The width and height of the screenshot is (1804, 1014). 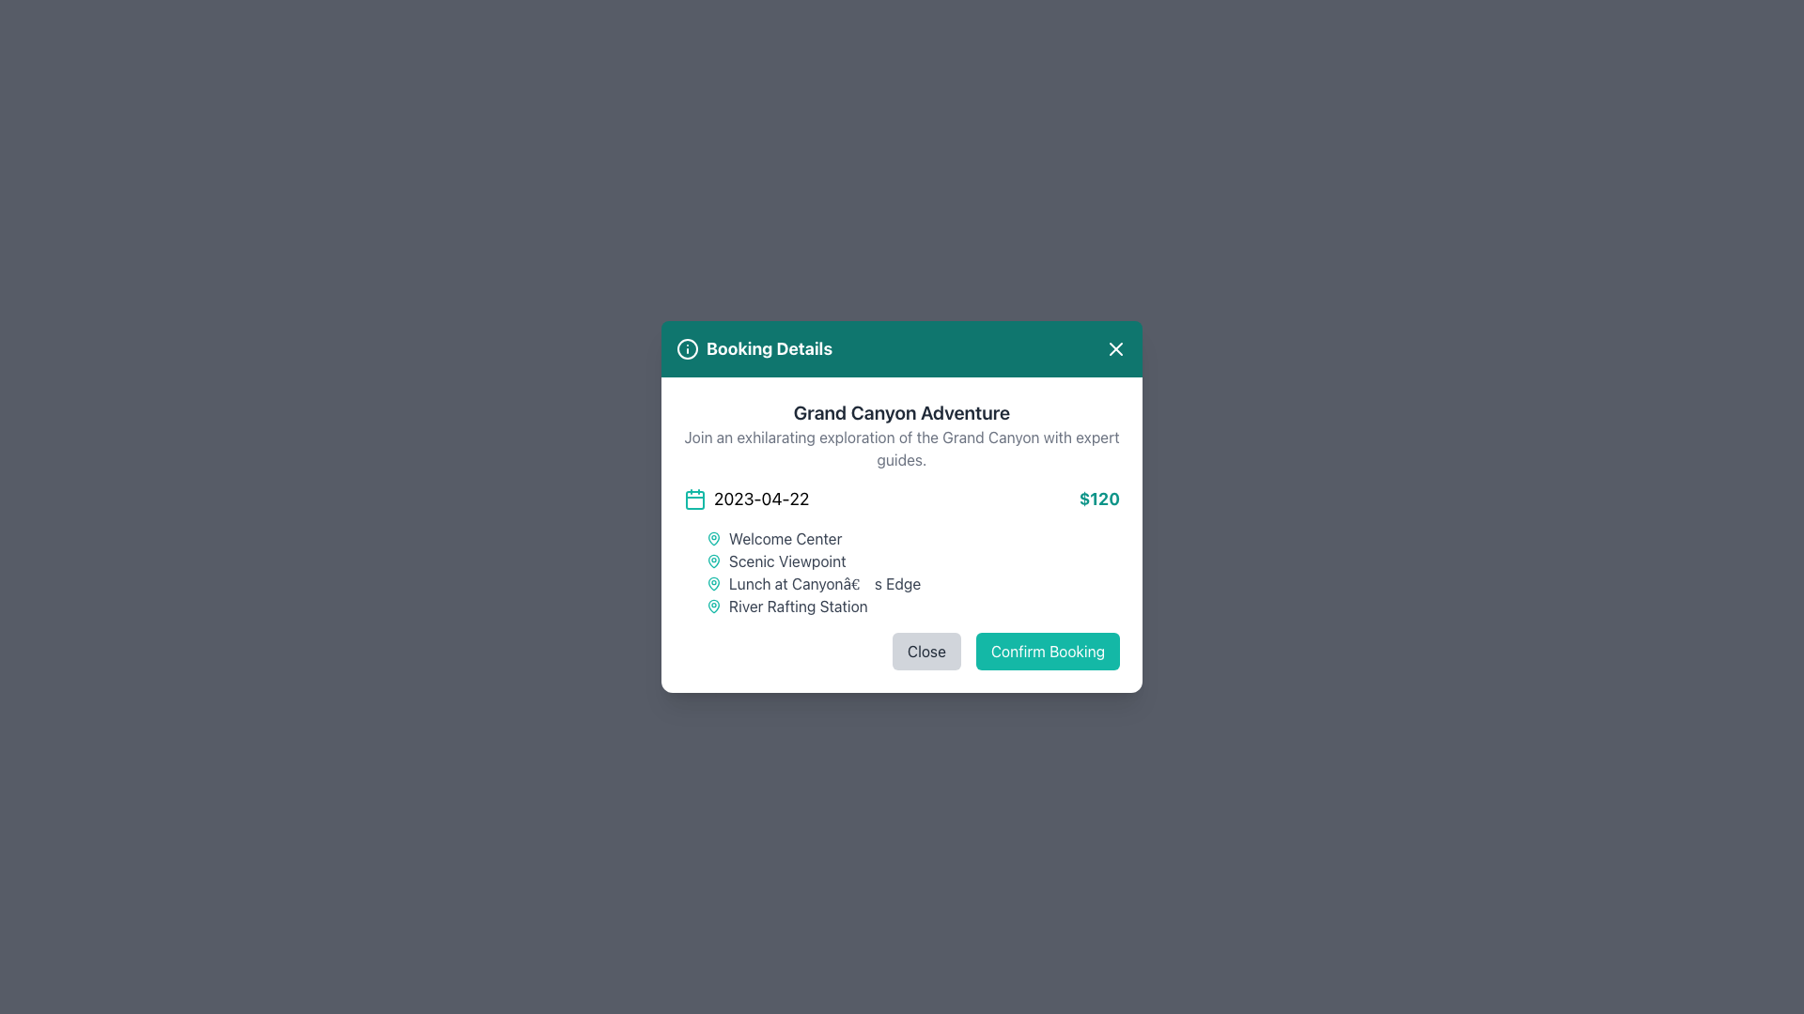 I want to click on text label 'Booking Details' that is styled with a bold font and located in the header of the modal window, positioned at the top-left next to an information icon, so click(x=754, y=348).